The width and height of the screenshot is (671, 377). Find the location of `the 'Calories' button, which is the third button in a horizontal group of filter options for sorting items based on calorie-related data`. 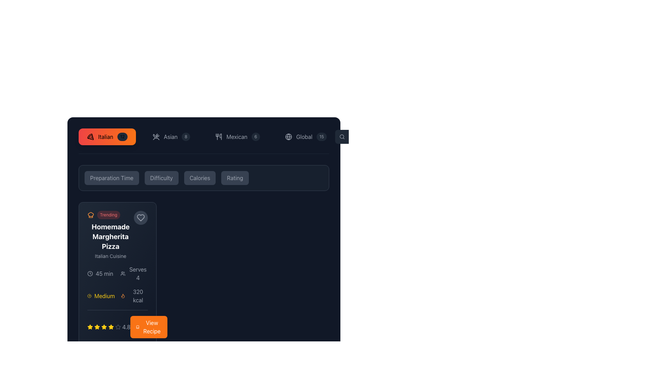

the 'Calories' button, which is the third button in a horizontal group of filter options for sorting items based on calorie-related data is located at coordinates (199, 177).